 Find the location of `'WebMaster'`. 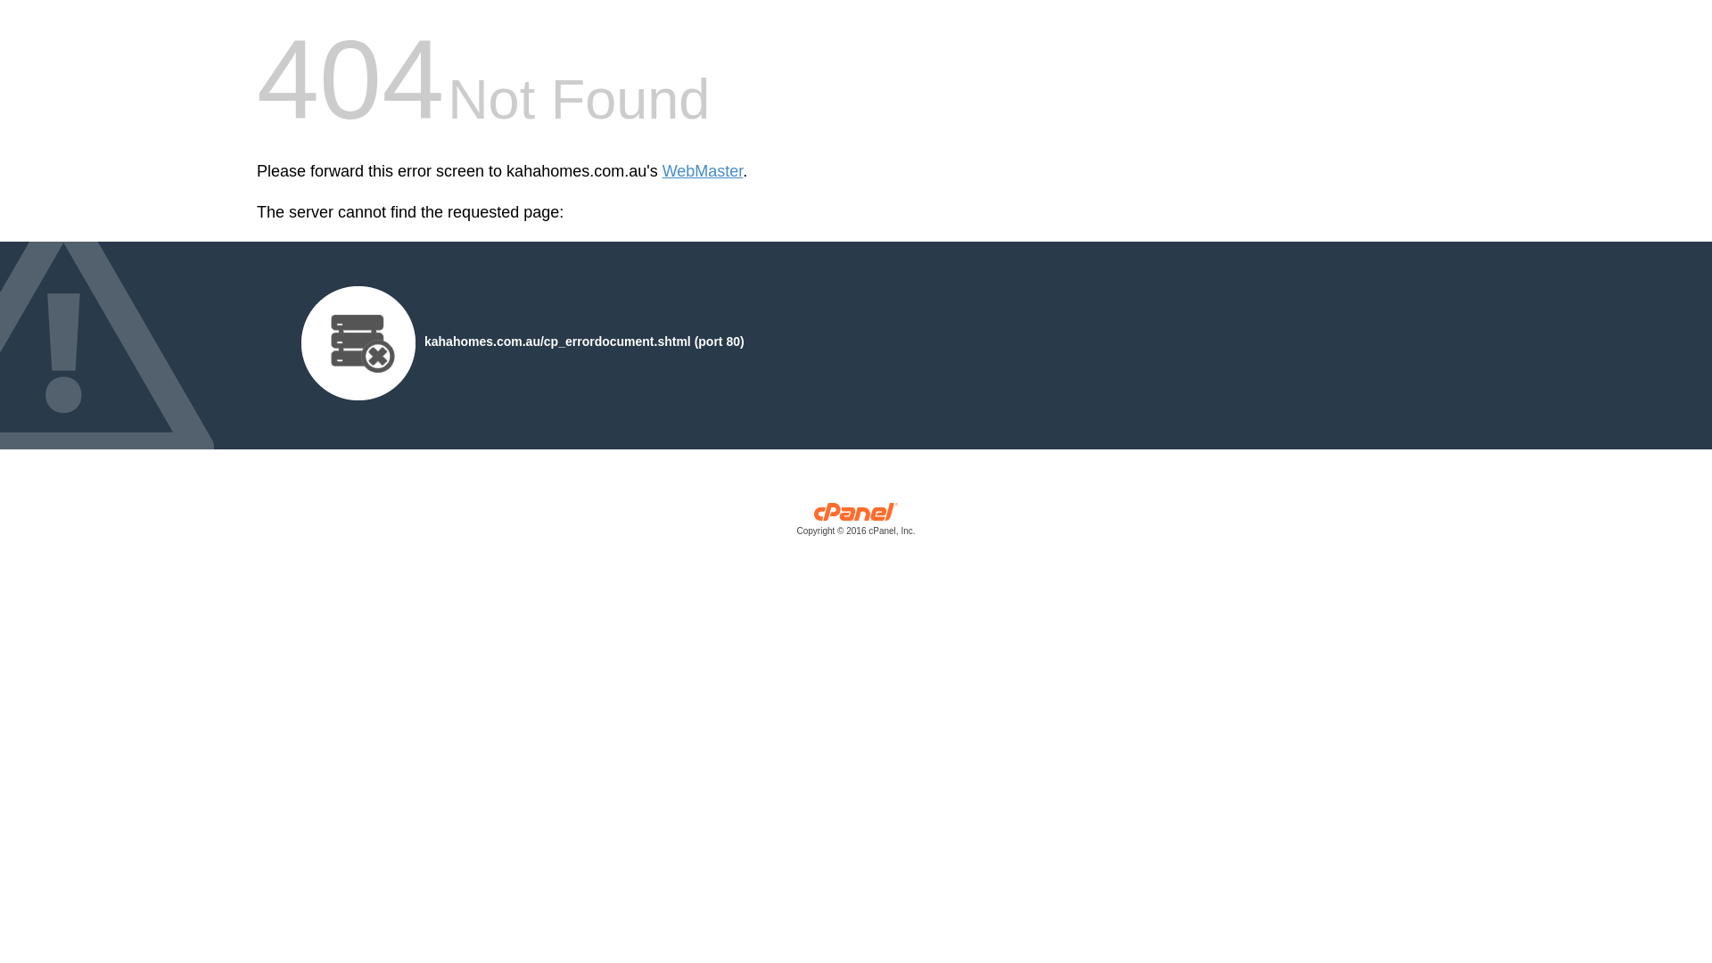

'WebMaster' is located at coordinates (662, 171).